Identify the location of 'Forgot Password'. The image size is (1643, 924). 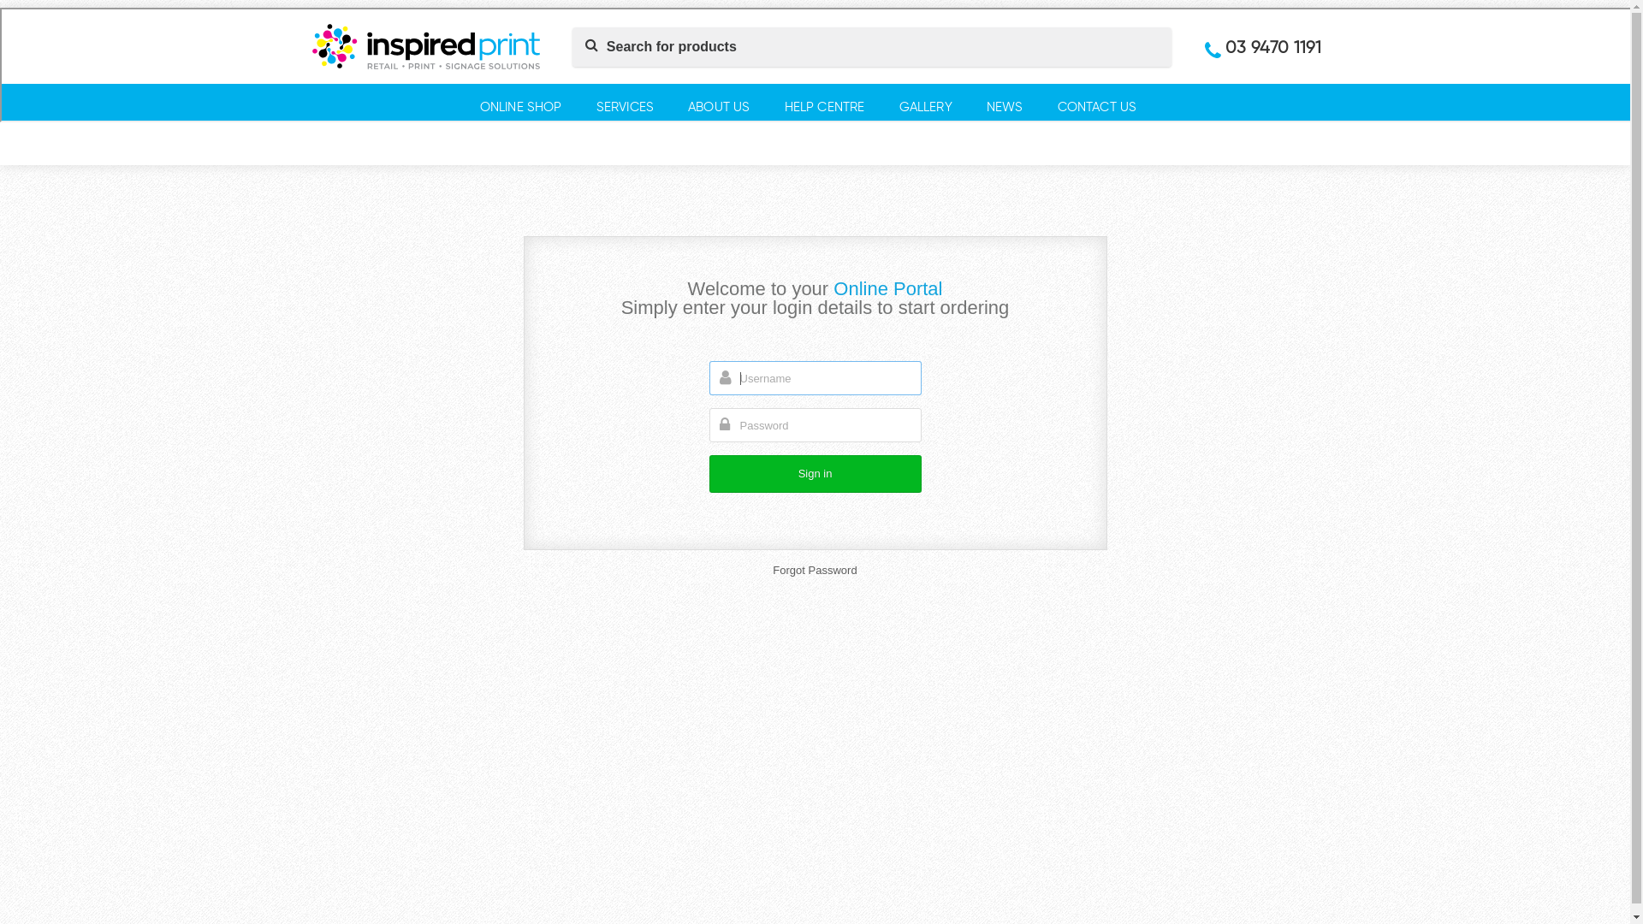
(813, 570).